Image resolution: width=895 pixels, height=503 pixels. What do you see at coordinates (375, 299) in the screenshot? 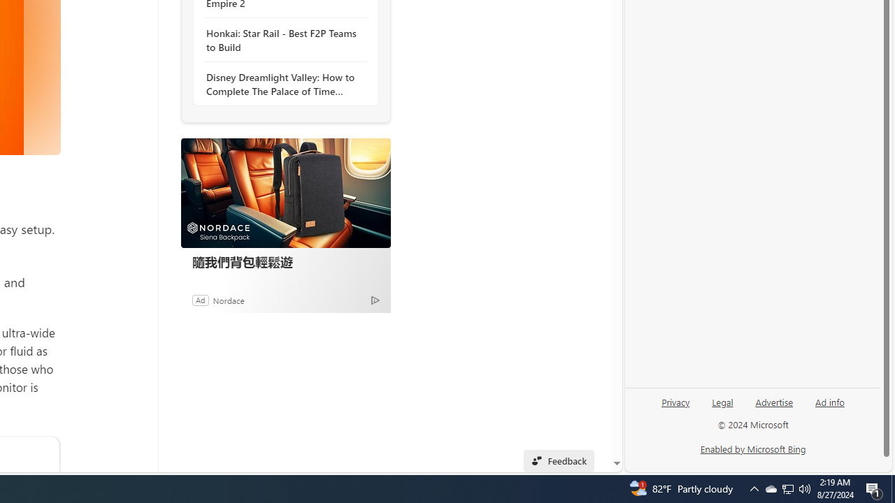
I see `'Ad Choice'` at bounding box center [375, 299].